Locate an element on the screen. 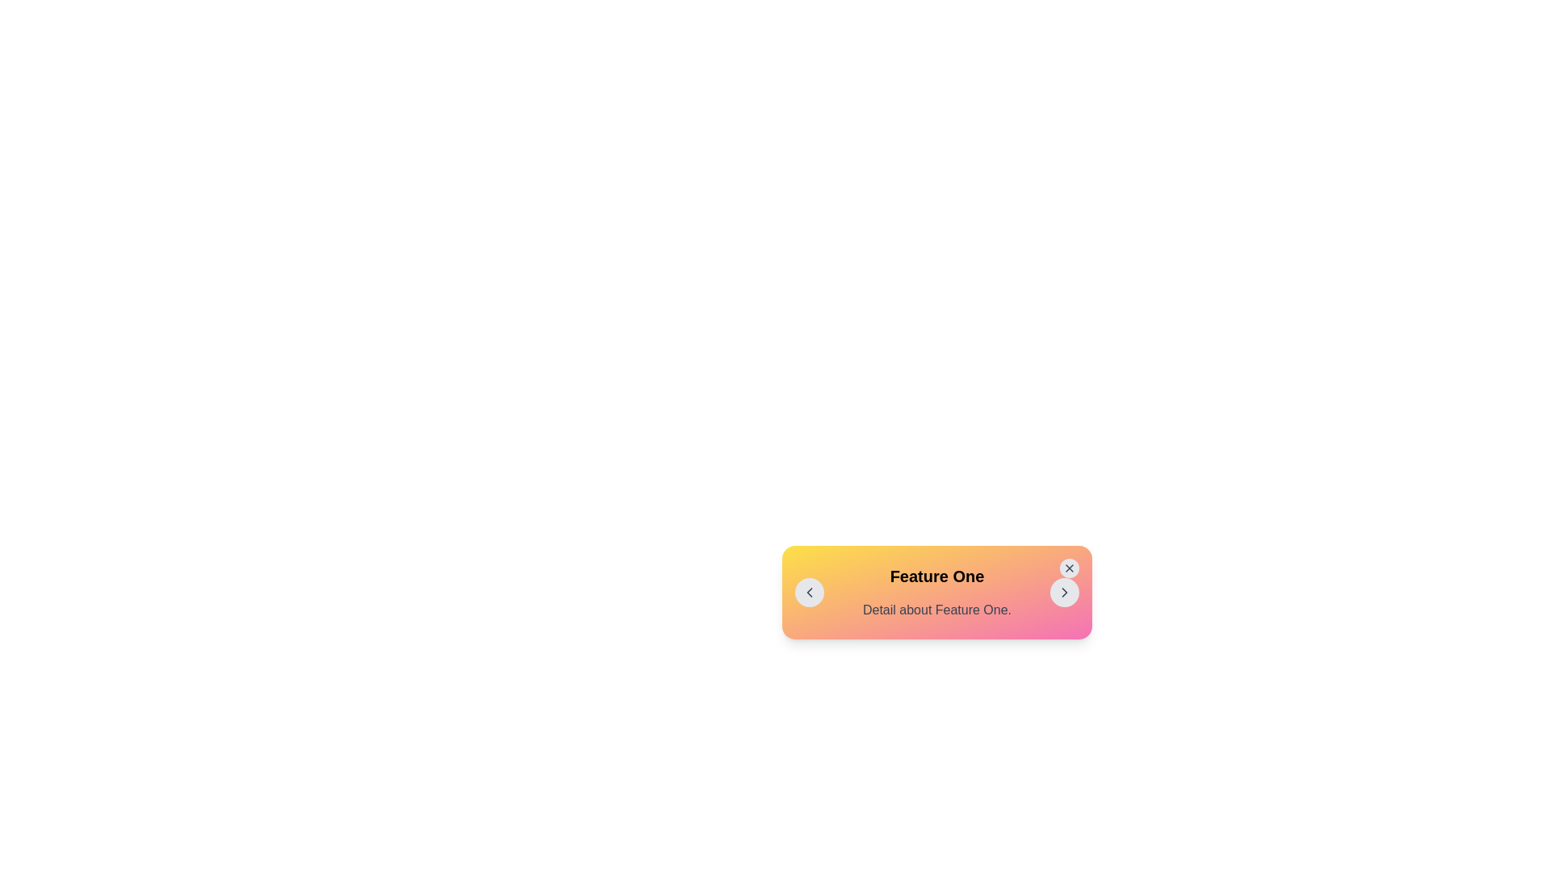  the close icon button located in the top-right corner of the card is located at coordinates (1069, 568).